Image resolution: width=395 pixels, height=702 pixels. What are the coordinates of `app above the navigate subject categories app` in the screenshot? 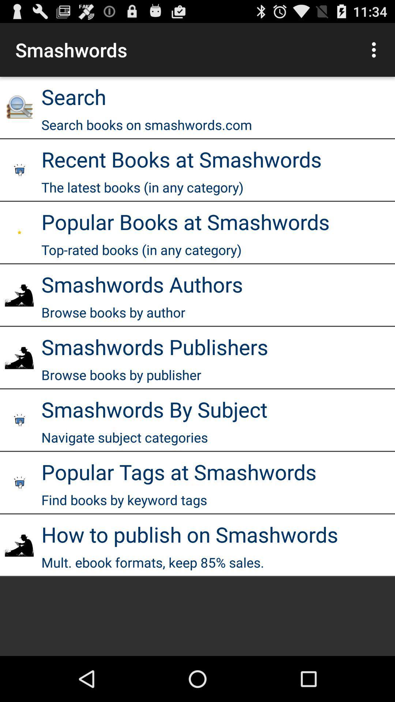 It's located at (154, 409).